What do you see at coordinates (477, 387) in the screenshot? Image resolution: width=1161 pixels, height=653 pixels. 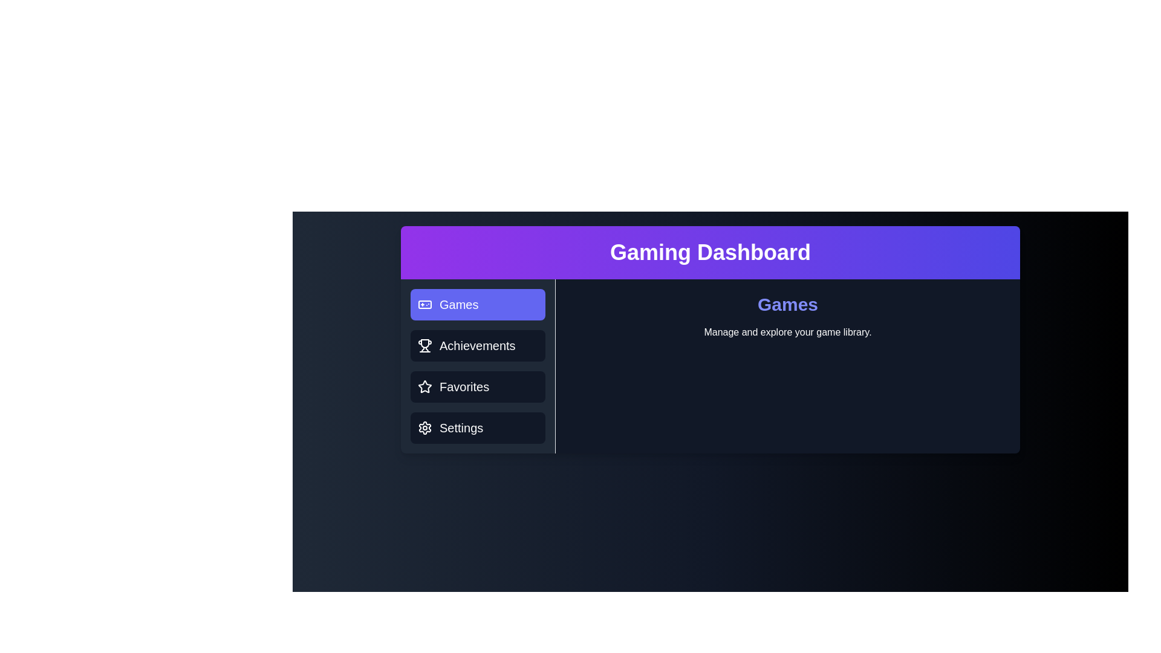 I see `the tab labeled Favorites to observe its hover effect` at bounding box center [477, 387].